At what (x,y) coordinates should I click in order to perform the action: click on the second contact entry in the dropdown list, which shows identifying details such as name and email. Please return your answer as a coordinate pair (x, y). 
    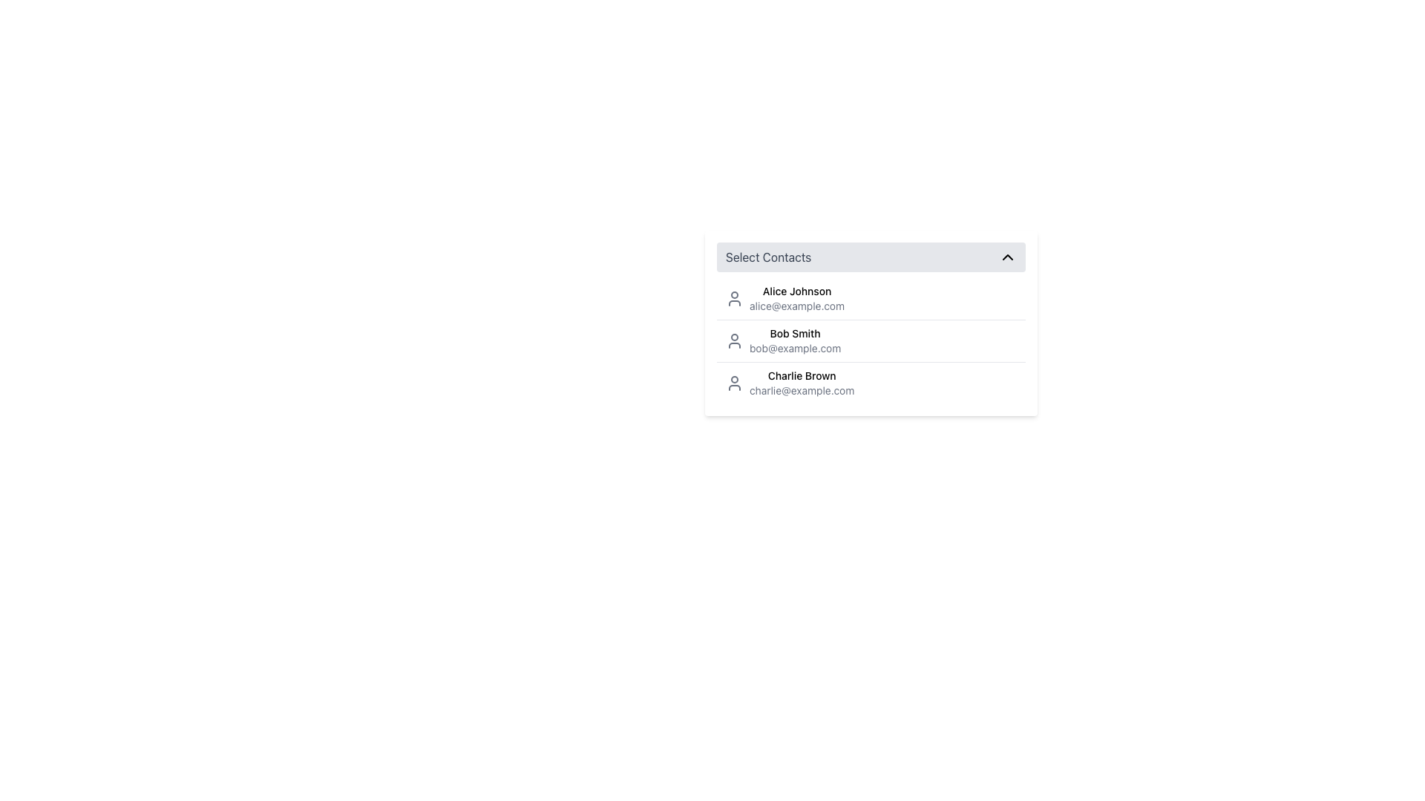
    Looking at the image, I should click on (871, 340).